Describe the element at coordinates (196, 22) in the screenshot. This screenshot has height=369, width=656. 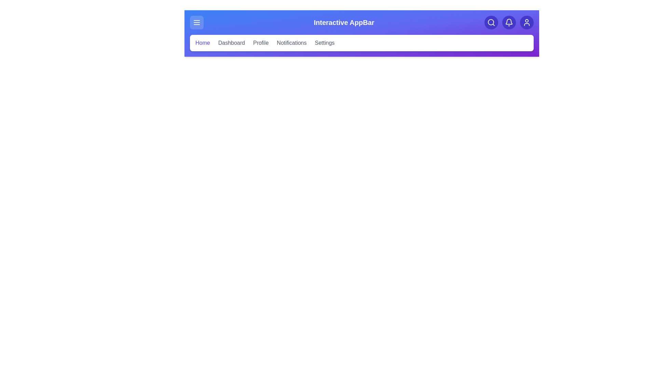
I see `the menu button to toggle the menu visibility` at that location.